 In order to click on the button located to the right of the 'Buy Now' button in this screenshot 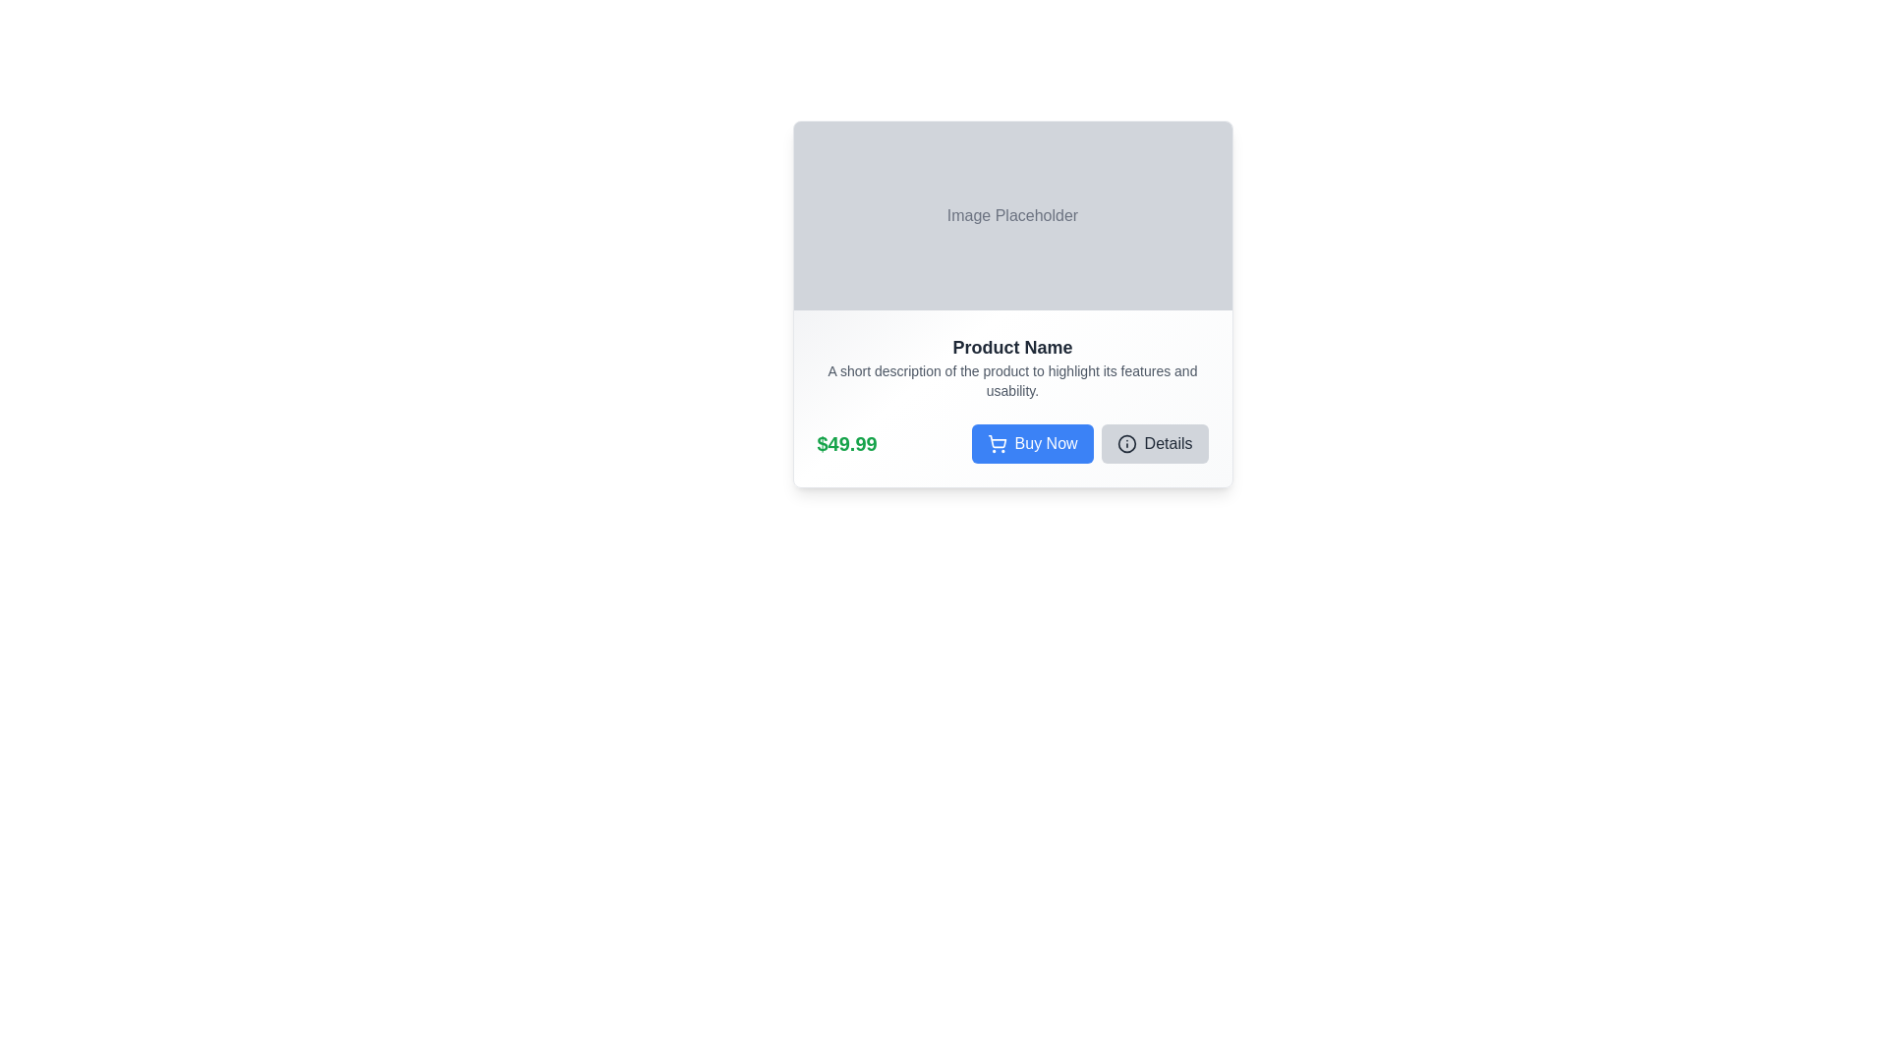, I will do `click(1155, 443)`.